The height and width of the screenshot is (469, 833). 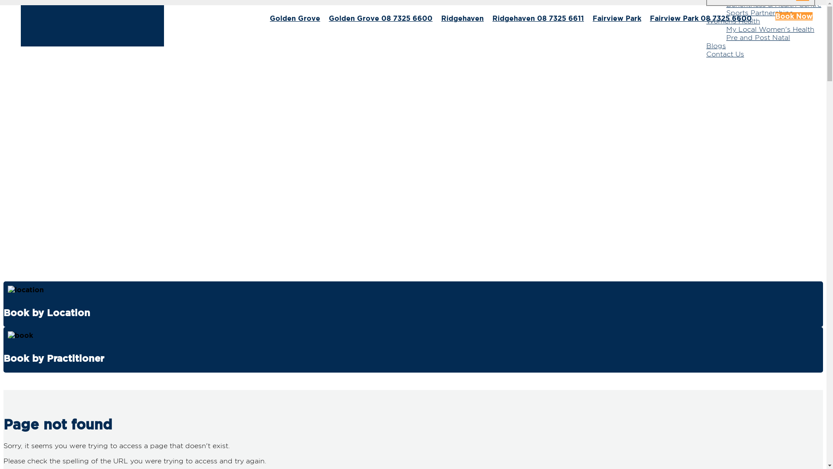 What do you see at coordinates (794, 16) in the screenshot?
I see `'Book Now'` at bounding box center [794, 16].